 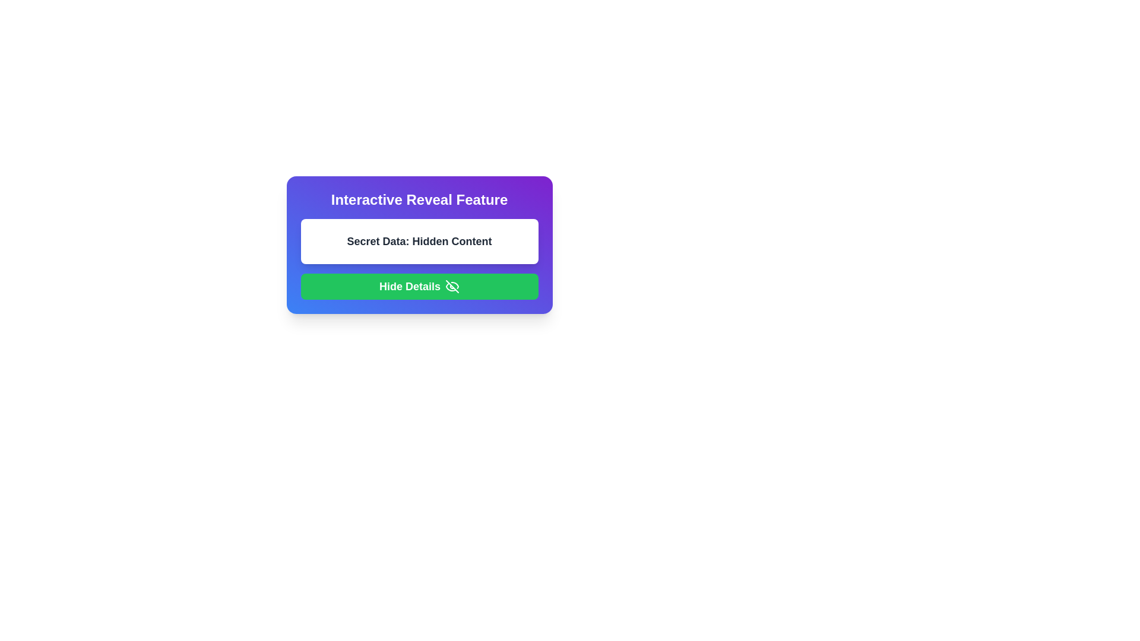 What do you see at coordinates (452, 286) in the screenshot?
I see `the eye-off icon located to the right of the text 'Hide Details' within the green rectangular button beneath 'Secret Data: Hidden Content'` at bounding box center [452, 286].